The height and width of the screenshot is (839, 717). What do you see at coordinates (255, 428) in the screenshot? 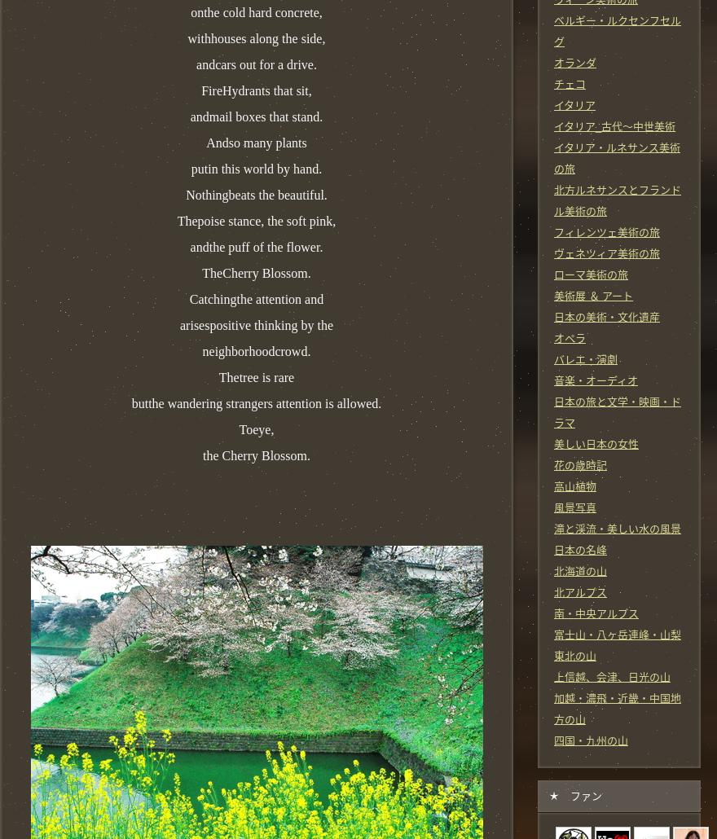
I see `'Toeye,'` at bounding box center [255, 428].